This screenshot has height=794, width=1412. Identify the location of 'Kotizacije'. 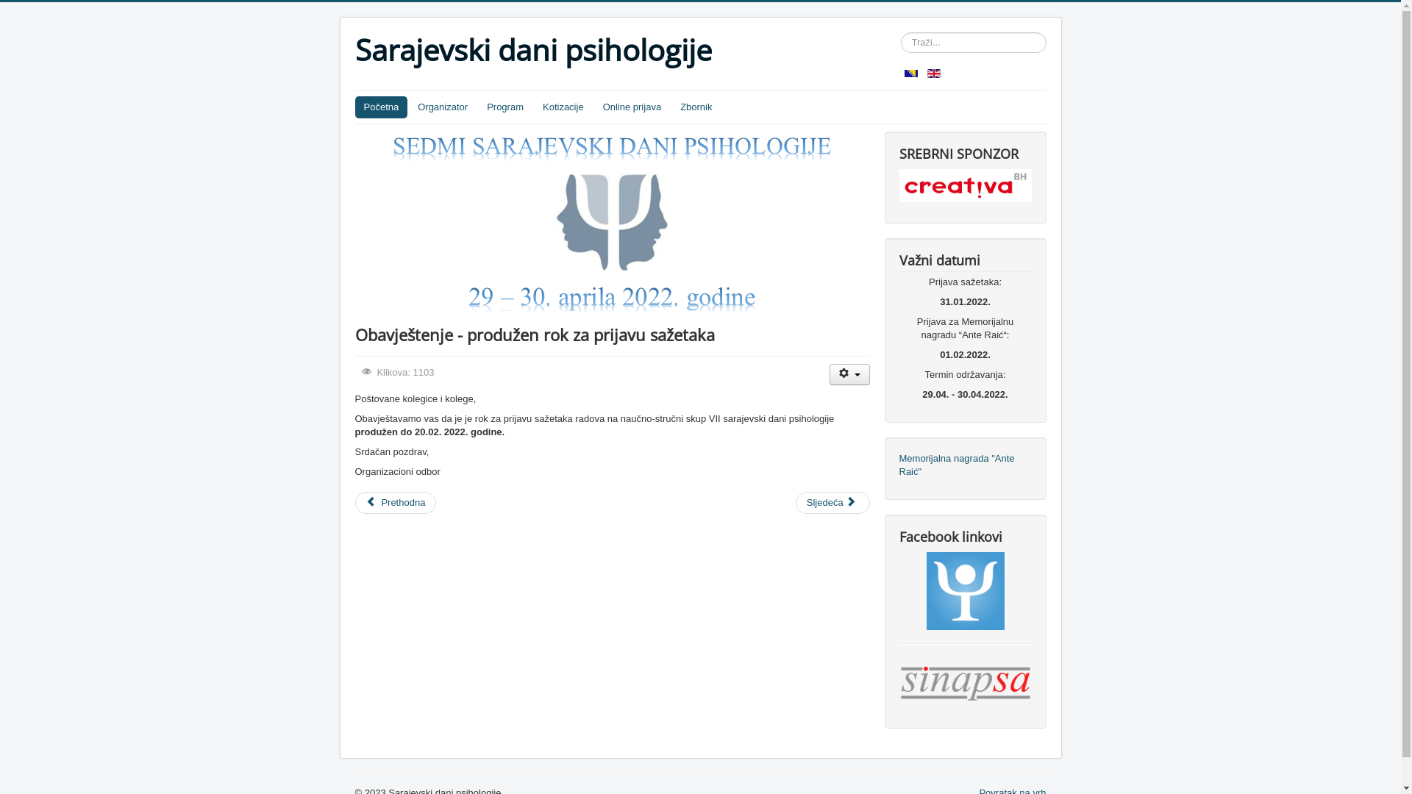
(563, 107).